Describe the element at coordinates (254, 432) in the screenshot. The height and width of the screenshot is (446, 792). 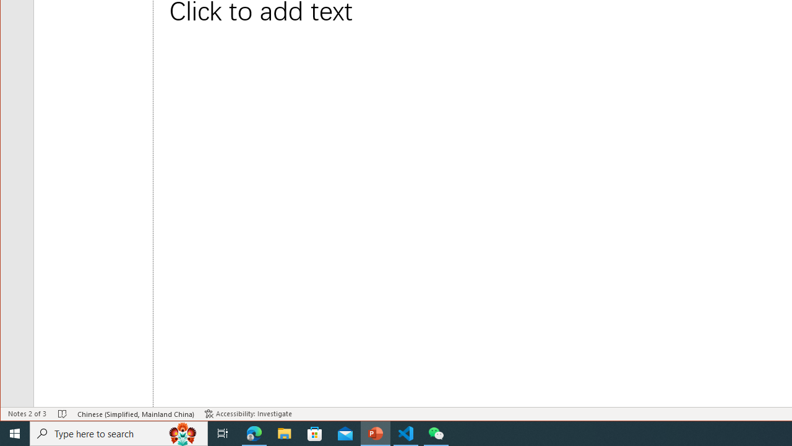
I see `'Microsoft Edge - 1 running window'` at that location.